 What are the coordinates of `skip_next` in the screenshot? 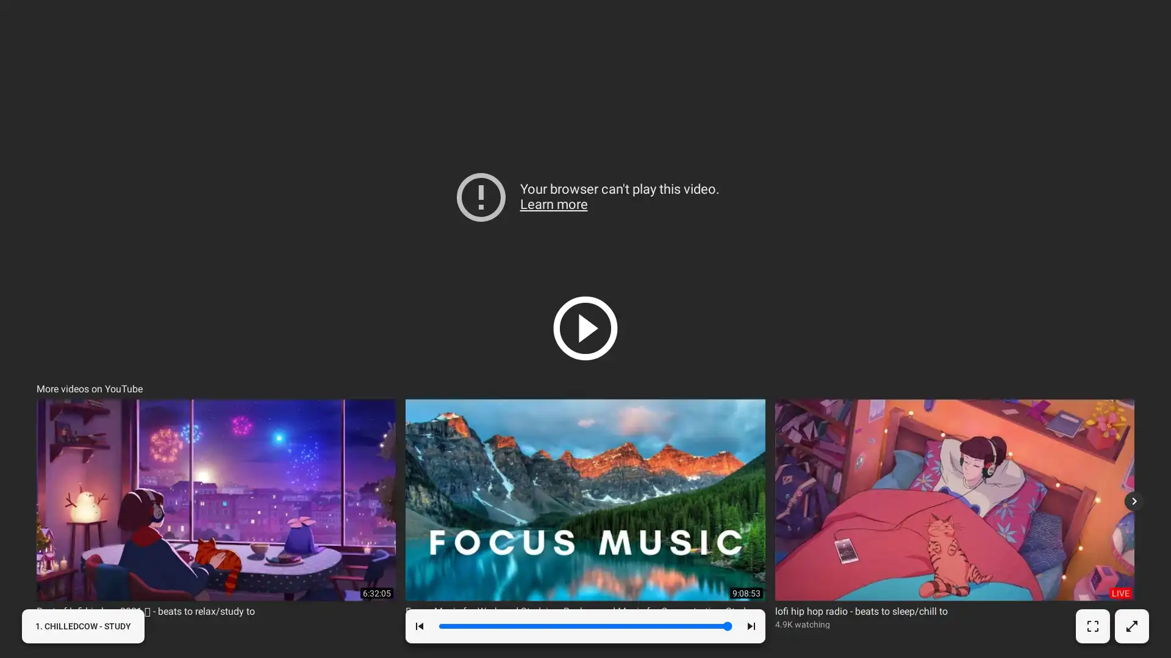 It's located at (750, 626).